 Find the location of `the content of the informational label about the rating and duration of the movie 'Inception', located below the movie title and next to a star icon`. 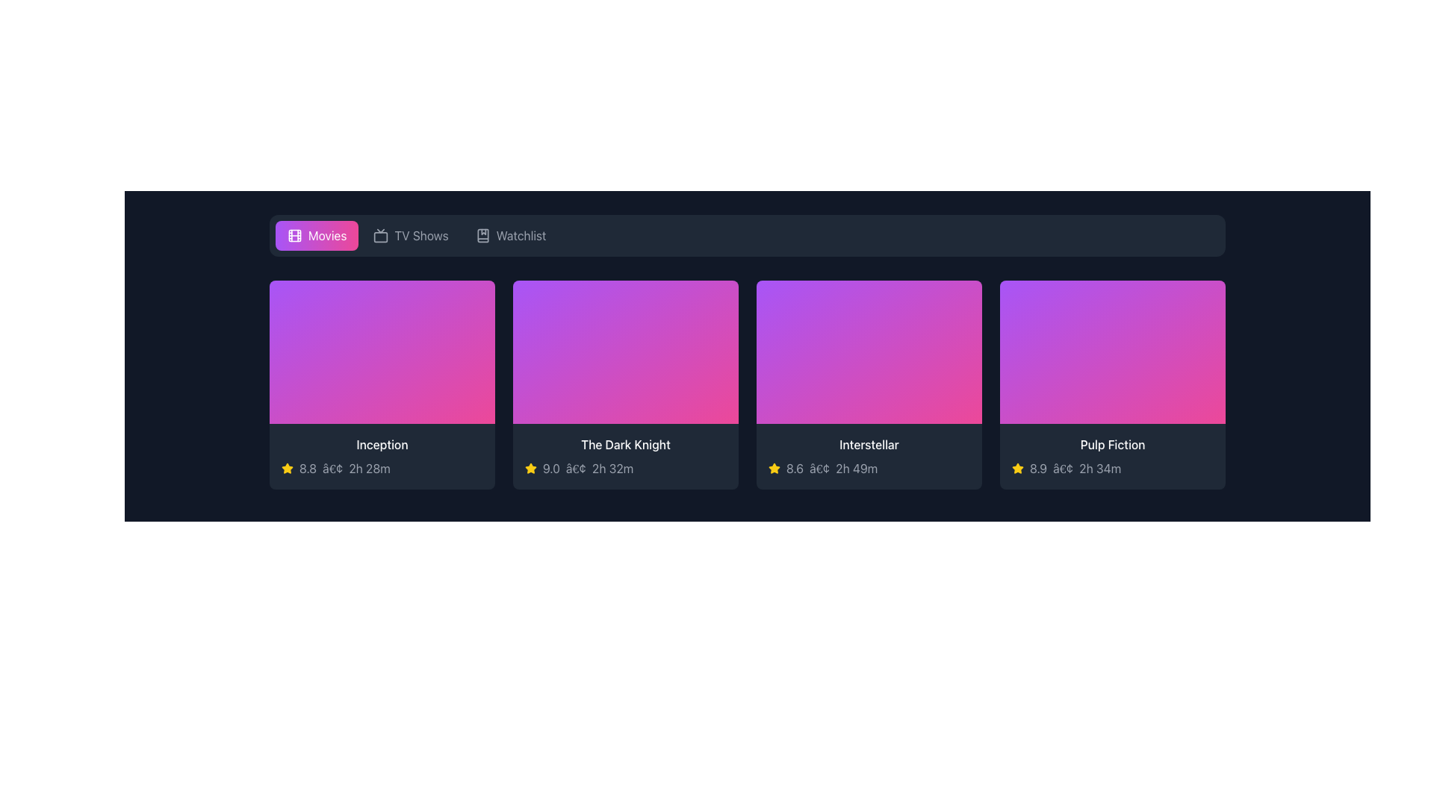

the content of the informational label about the rating and duration of the movie 'Inception', located below the movie title and next to a star icon is located at coordinates (382, 468).